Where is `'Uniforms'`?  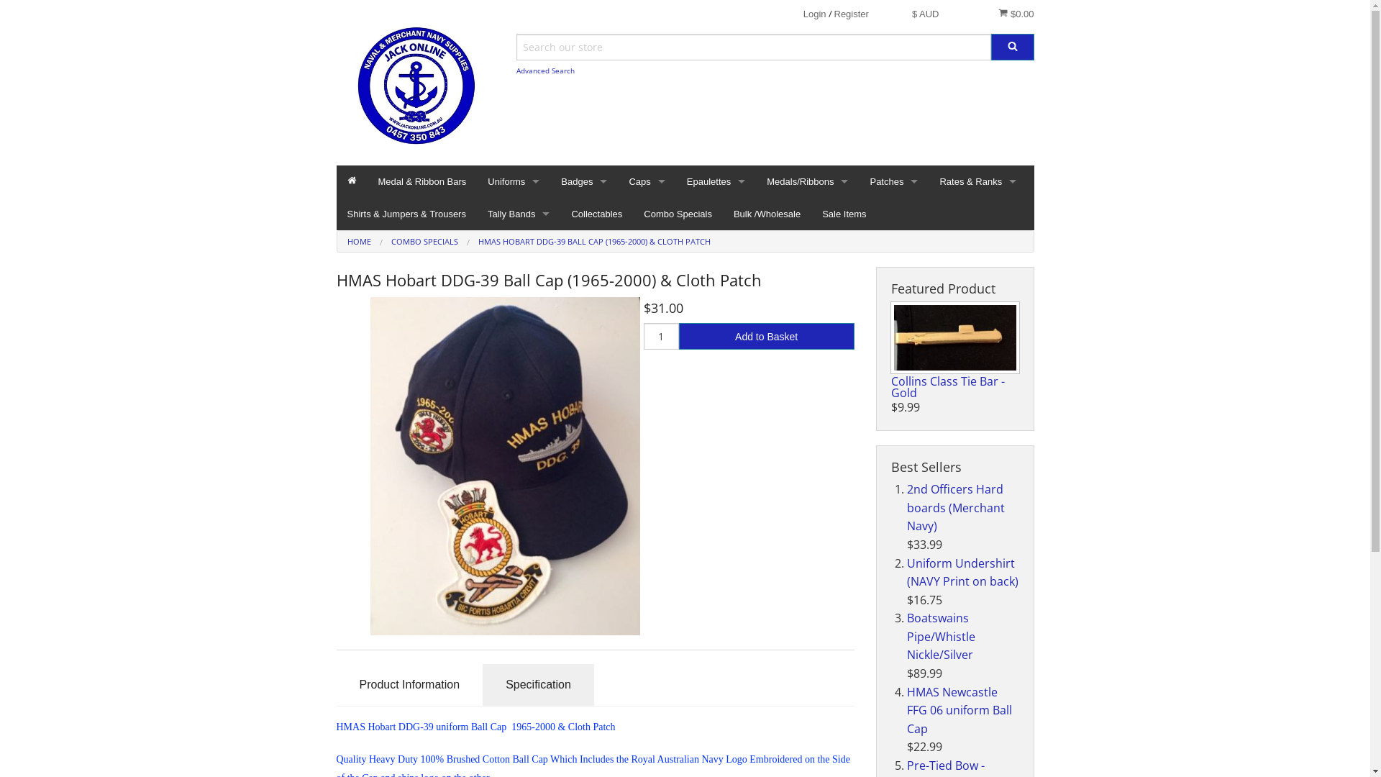 'Uniforms' is located at coordinates (514, 181).